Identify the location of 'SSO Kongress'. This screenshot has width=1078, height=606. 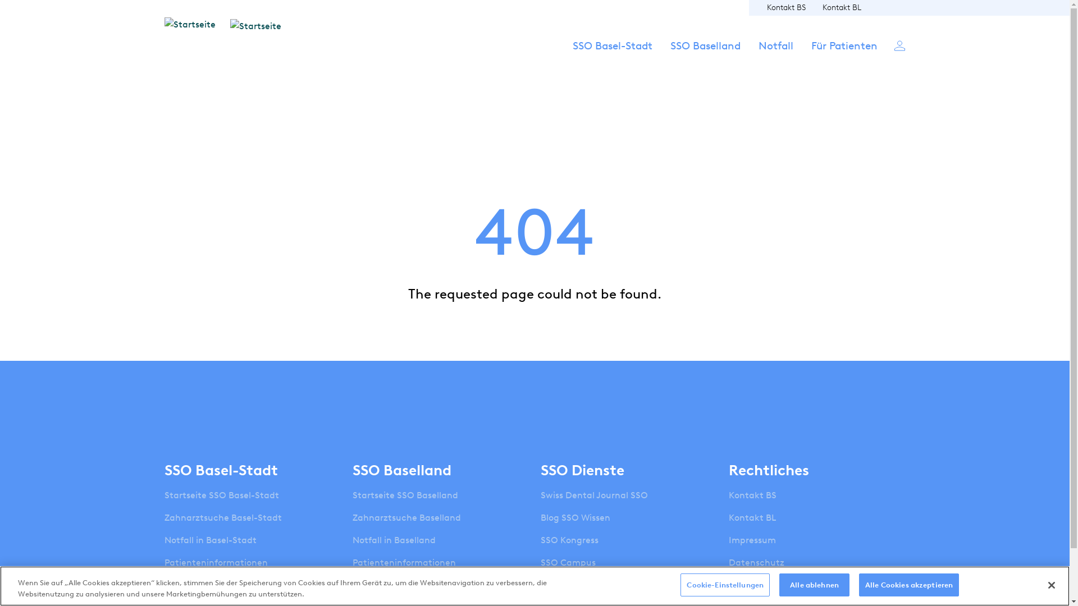
(569, 540).